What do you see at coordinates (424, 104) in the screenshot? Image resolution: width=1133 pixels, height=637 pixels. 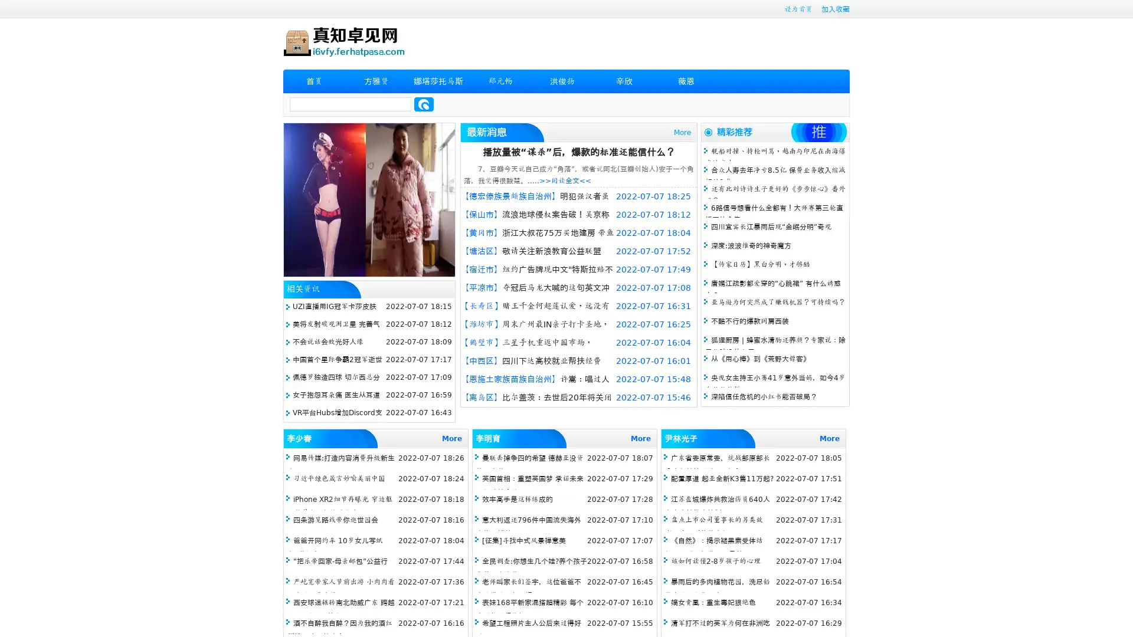 I see `Search` at bounding box center [424, 104].